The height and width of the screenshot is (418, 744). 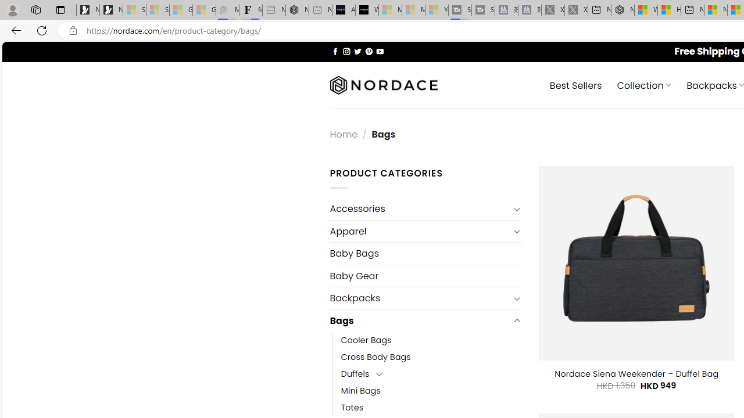 I want to click on 'Microsoft Start - Sleeping', so click(x=413, y=10).